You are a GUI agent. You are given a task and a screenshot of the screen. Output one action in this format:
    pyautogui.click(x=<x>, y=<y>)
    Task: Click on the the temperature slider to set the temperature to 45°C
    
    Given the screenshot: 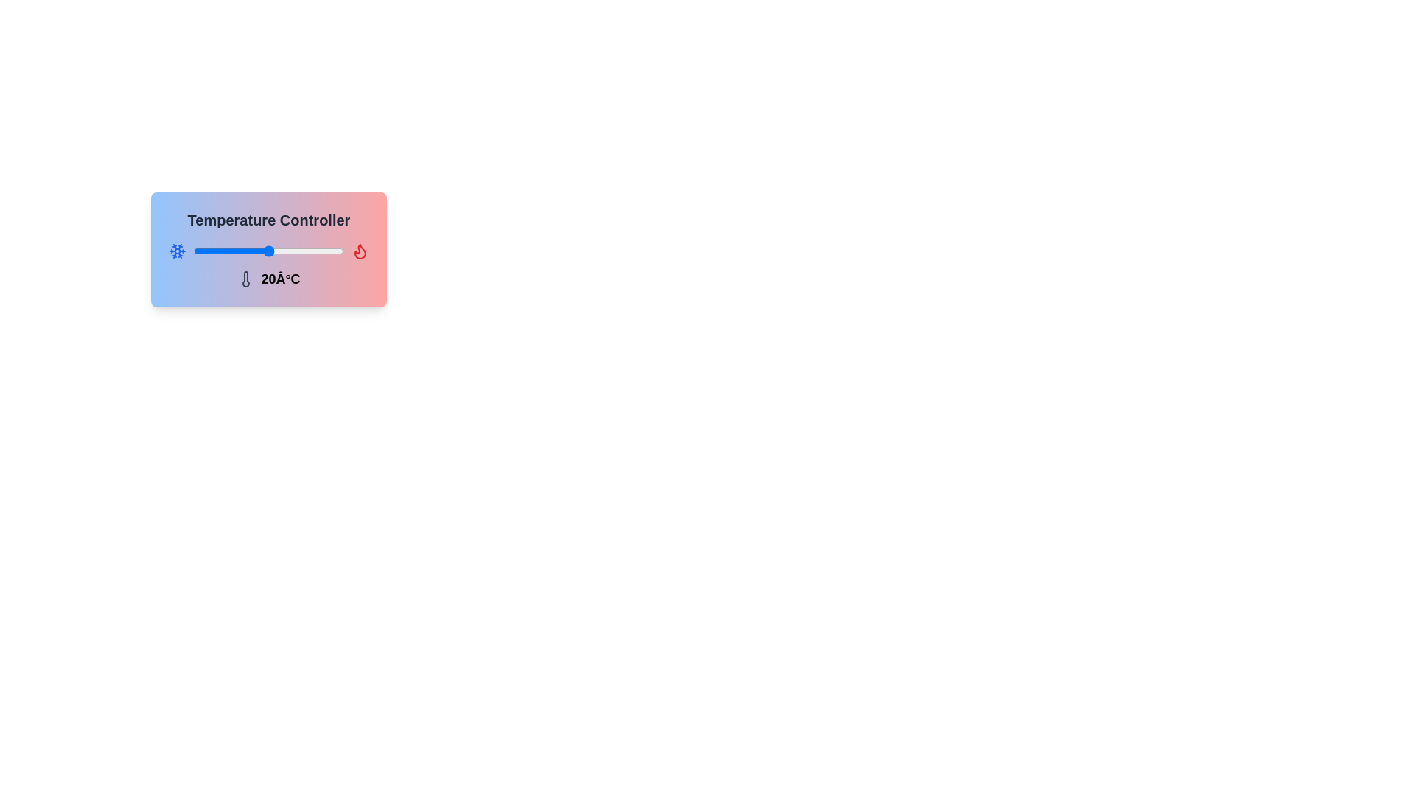 What is the action you would take?
    pyautogui.click(x=331, y=250)
    